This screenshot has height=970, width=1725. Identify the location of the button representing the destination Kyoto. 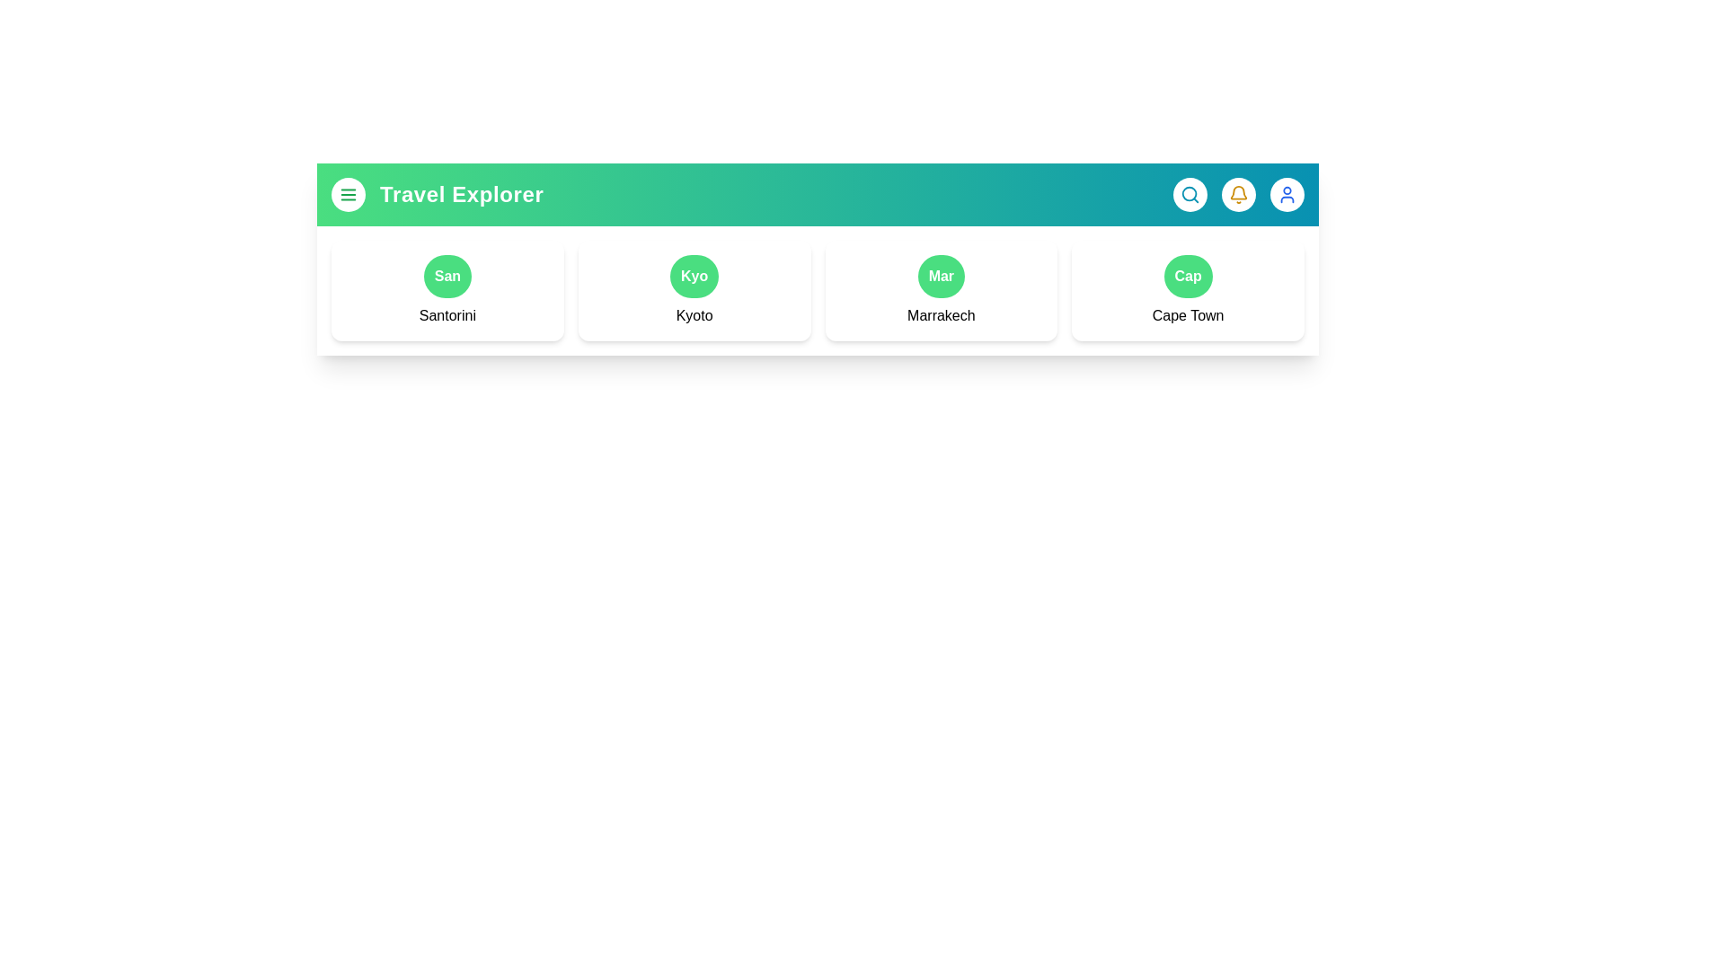
(694, 277).